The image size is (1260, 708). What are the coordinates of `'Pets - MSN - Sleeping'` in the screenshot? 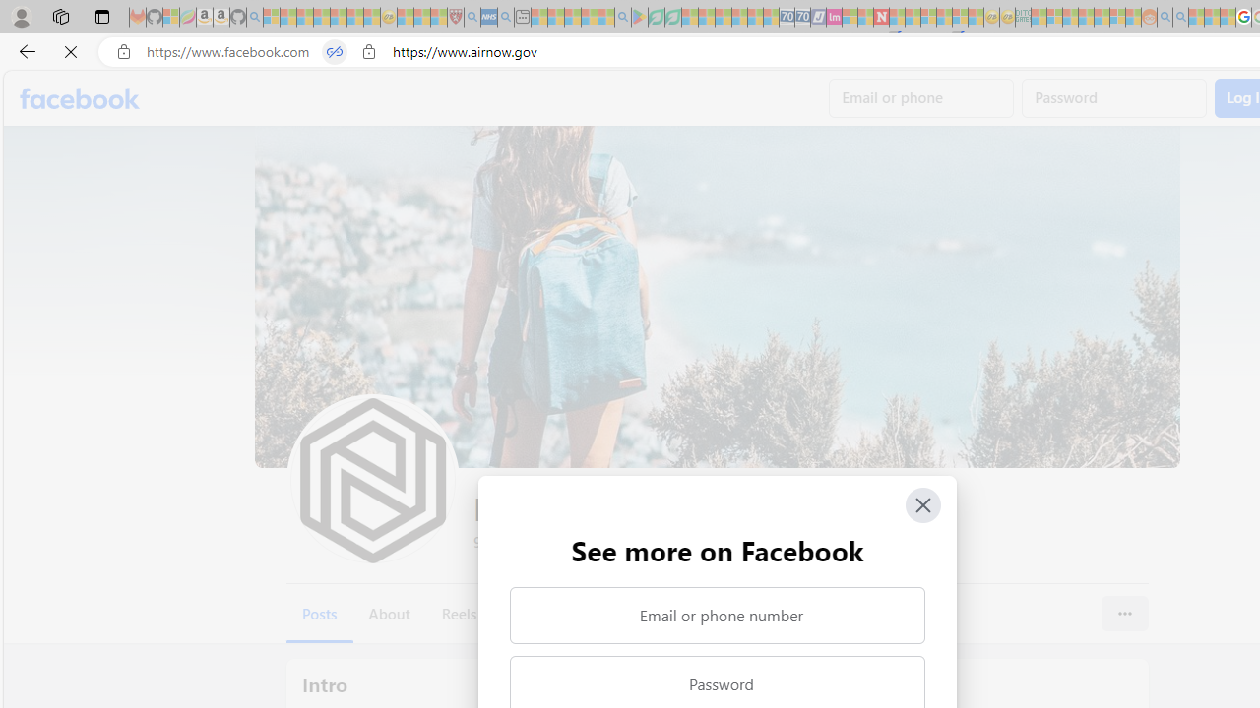 It's located at (589, 17).